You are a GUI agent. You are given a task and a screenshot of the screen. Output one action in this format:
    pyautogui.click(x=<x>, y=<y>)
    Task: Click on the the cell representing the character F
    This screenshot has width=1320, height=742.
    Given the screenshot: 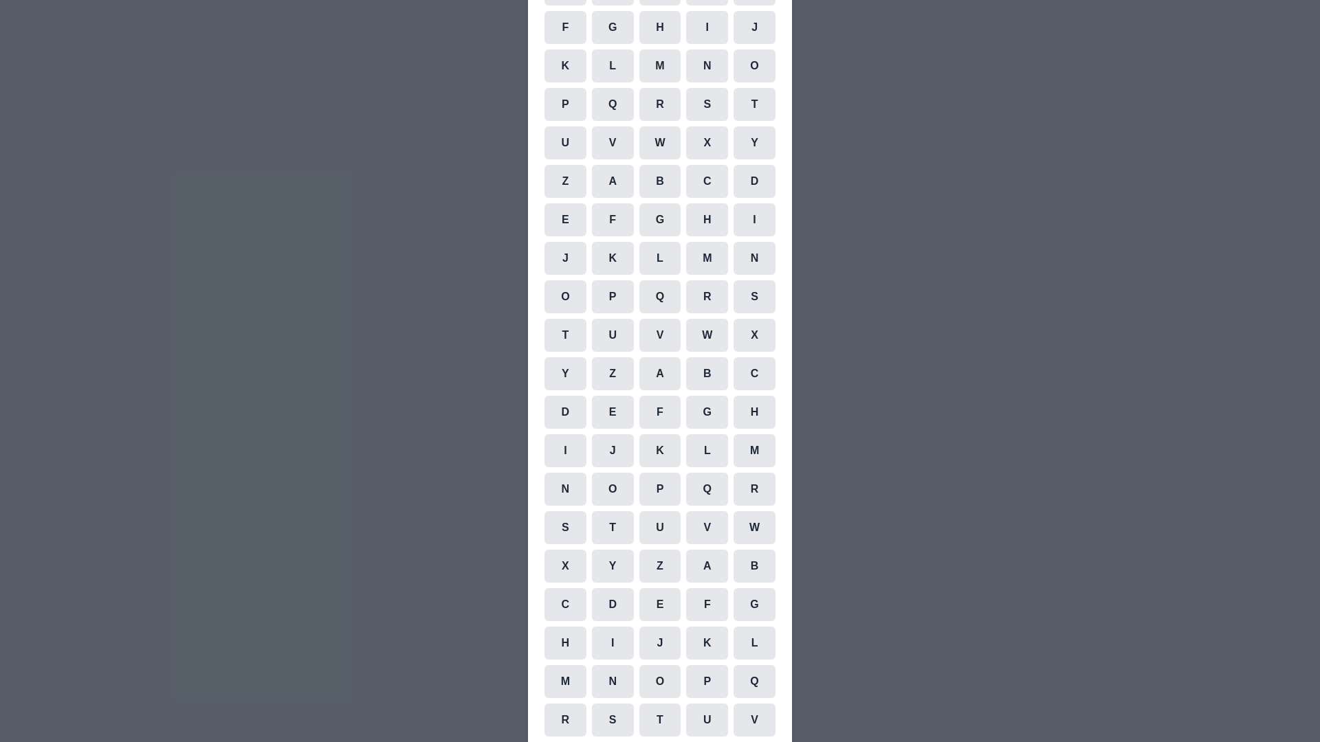 What is the action you would take?
    pyautogui.click(x=564, y=27)
    